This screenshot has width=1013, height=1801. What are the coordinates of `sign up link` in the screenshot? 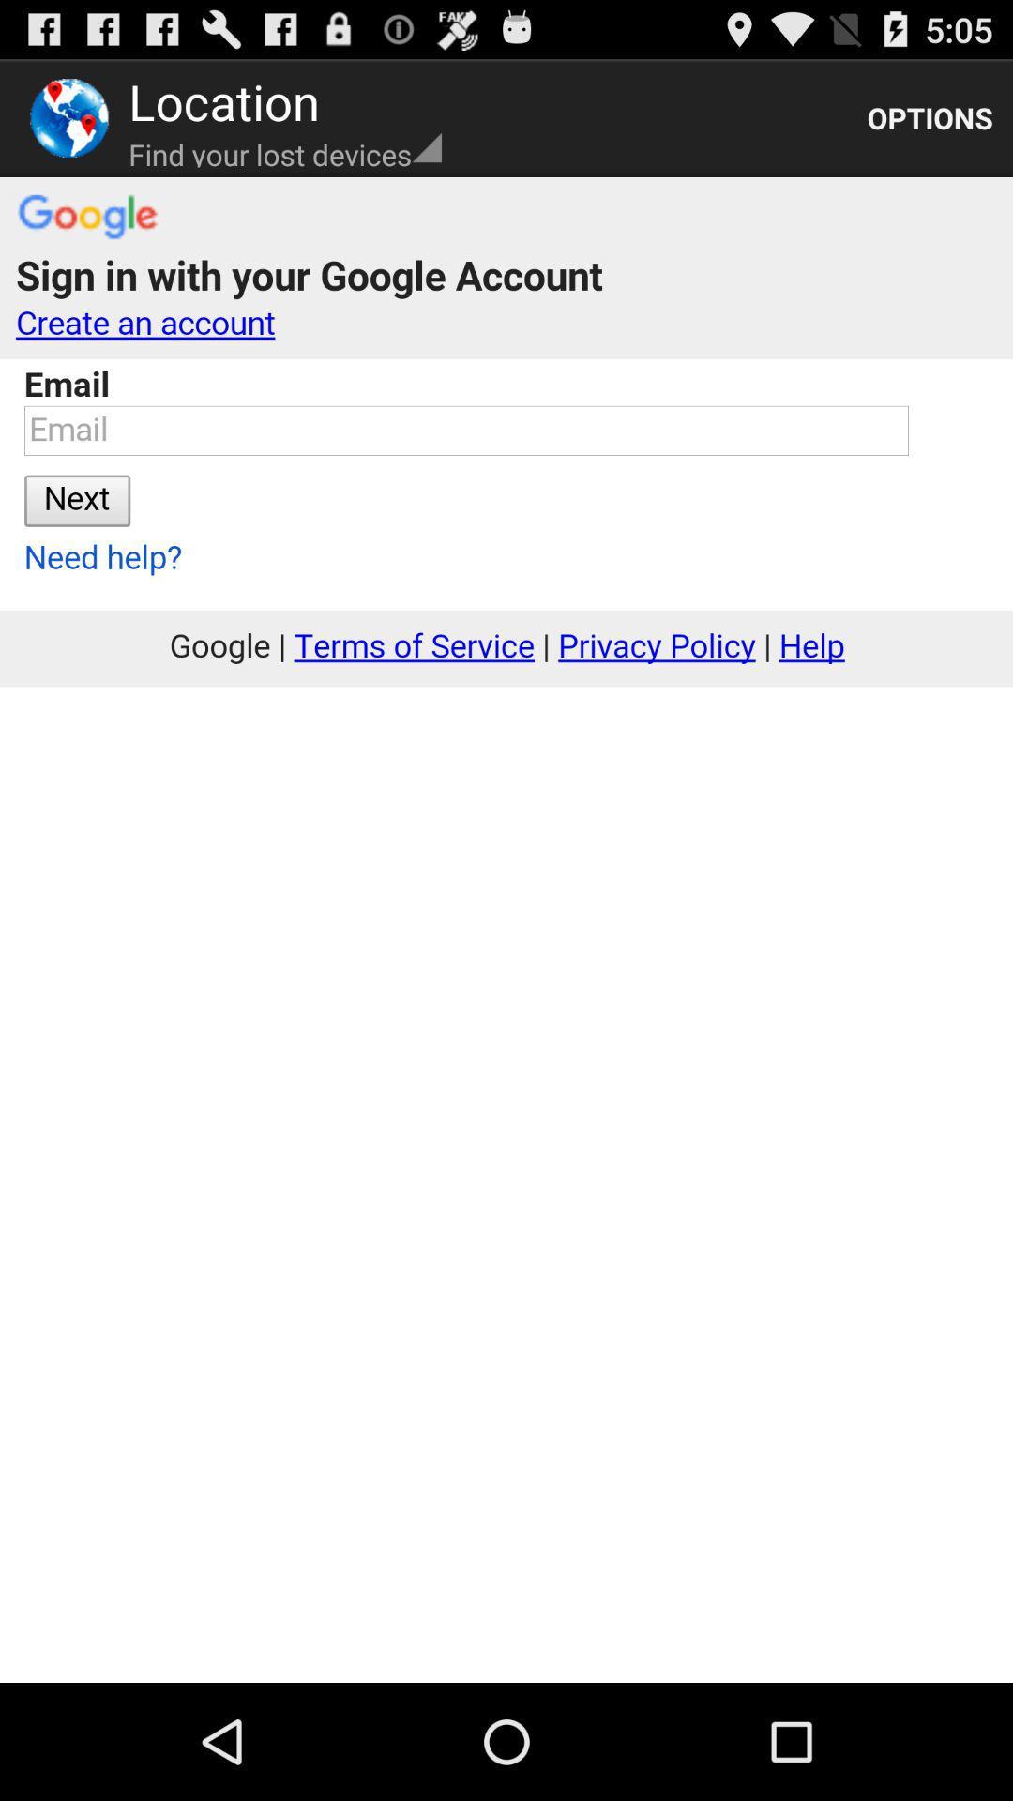 It's located at (506, 930).